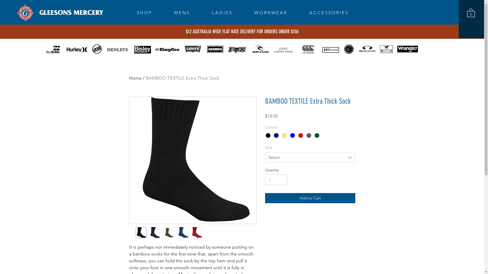 The width and height of the screenshot is (488, 274). What do you see at coordinates (336, 12) in the screenshot?
I see `'A C C E S S O R I E S'` at bounding box center [336, 12].